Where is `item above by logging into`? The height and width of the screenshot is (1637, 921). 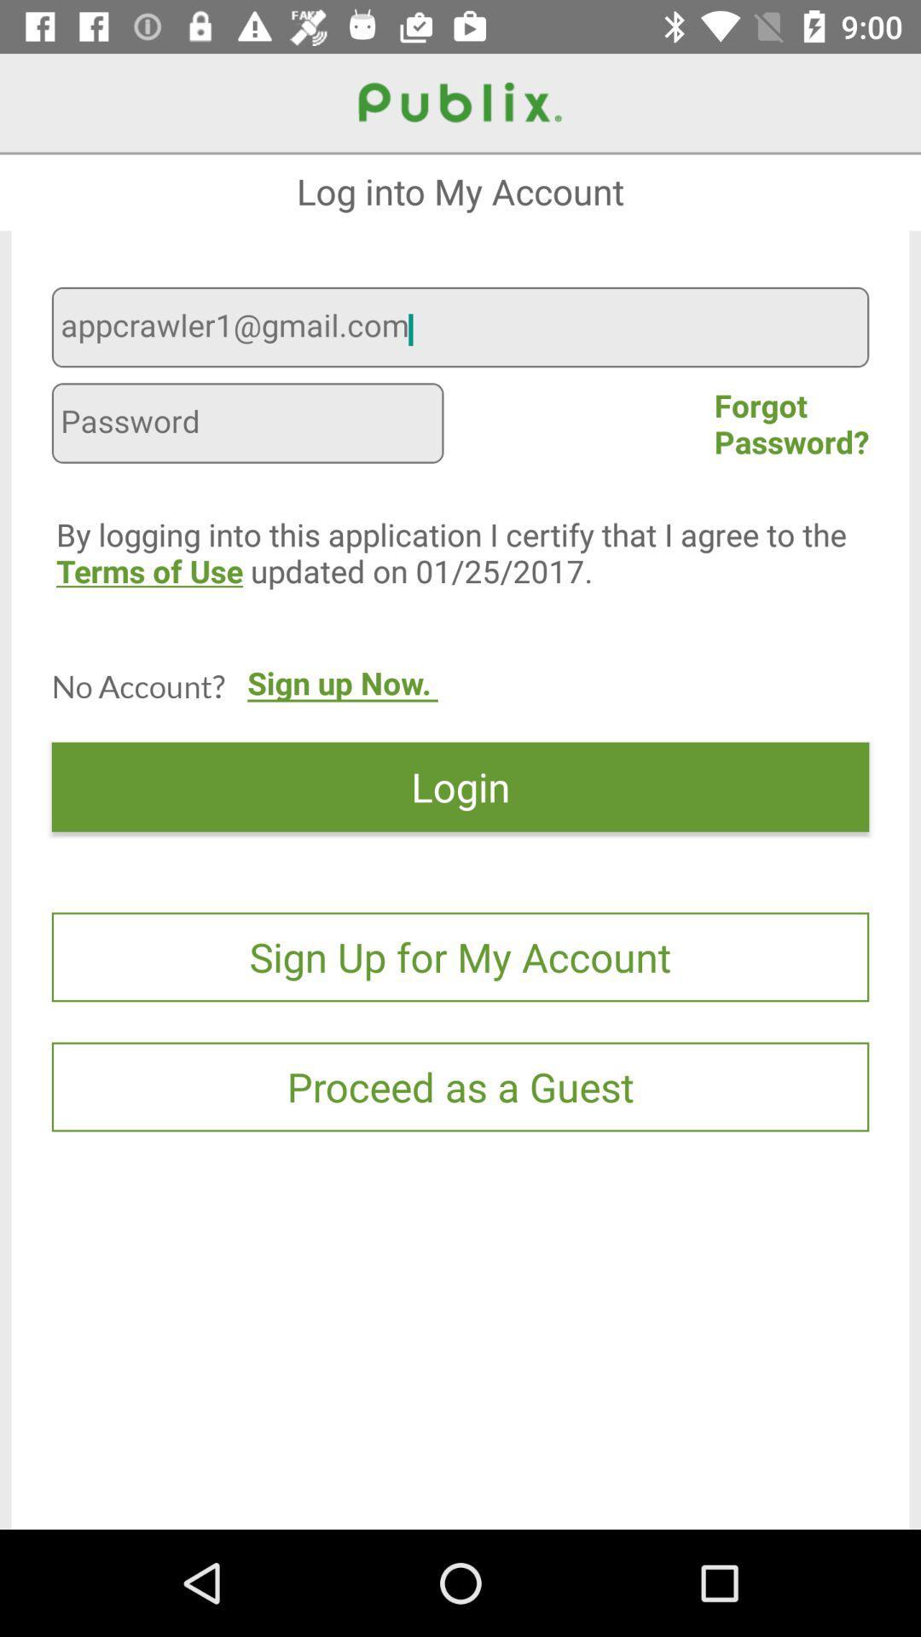 item above by logging into is located at coordinates (247, 425).